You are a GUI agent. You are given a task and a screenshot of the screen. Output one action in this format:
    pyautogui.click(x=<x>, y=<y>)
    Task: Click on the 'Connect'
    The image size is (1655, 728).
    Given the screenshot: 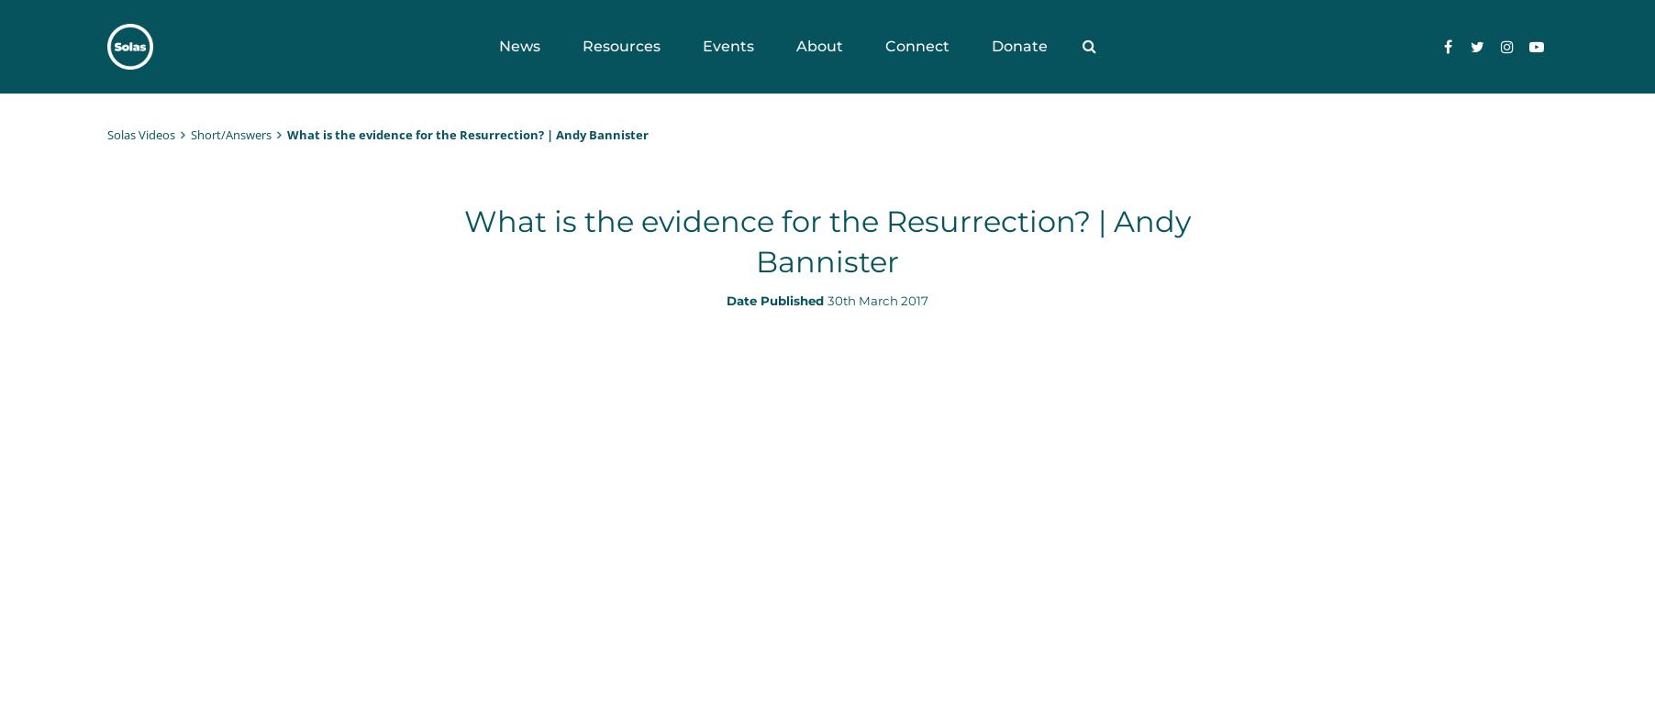 What is the action you would take?
    pyautogui.click(x=916, y=46)
    